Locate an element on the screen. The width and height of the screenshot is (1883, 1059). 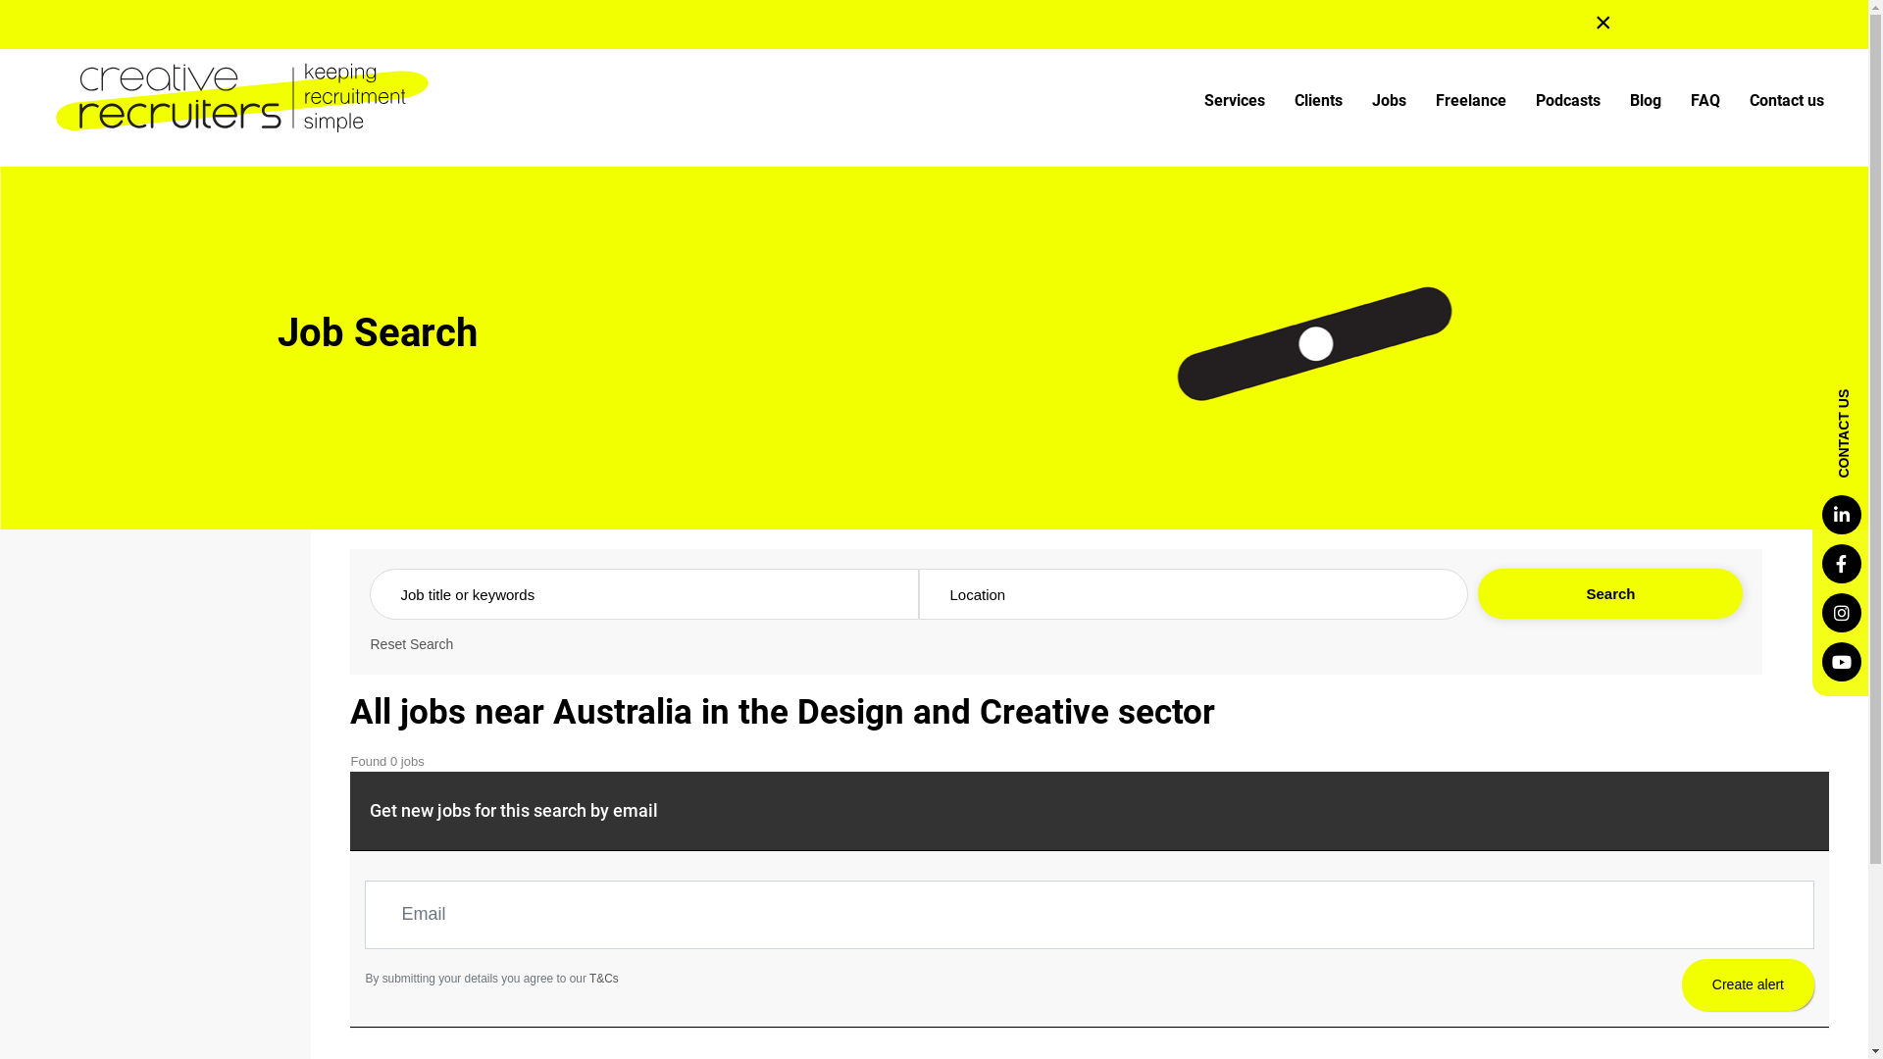
'Contact us' is located at coordinates (1787, 101).